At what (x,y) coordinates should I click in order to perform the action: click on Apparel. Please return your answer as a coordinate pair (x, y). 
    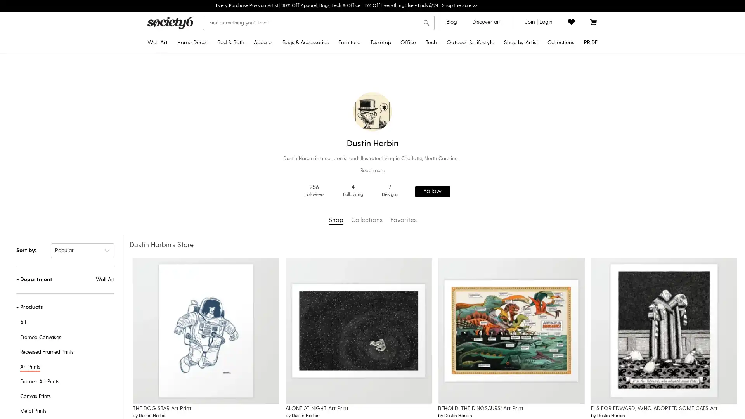
    Looking at the image, I should click on (263, 43).